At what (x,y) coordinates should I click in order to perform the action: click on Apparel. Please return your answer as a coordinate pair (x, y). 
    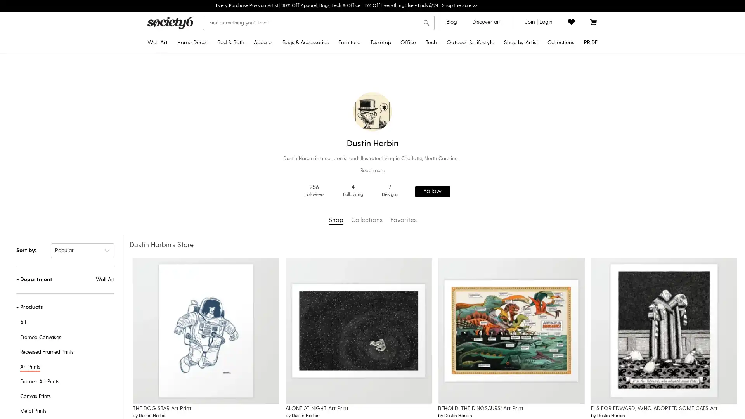
    Looking at the image, I should click on (263, 43).